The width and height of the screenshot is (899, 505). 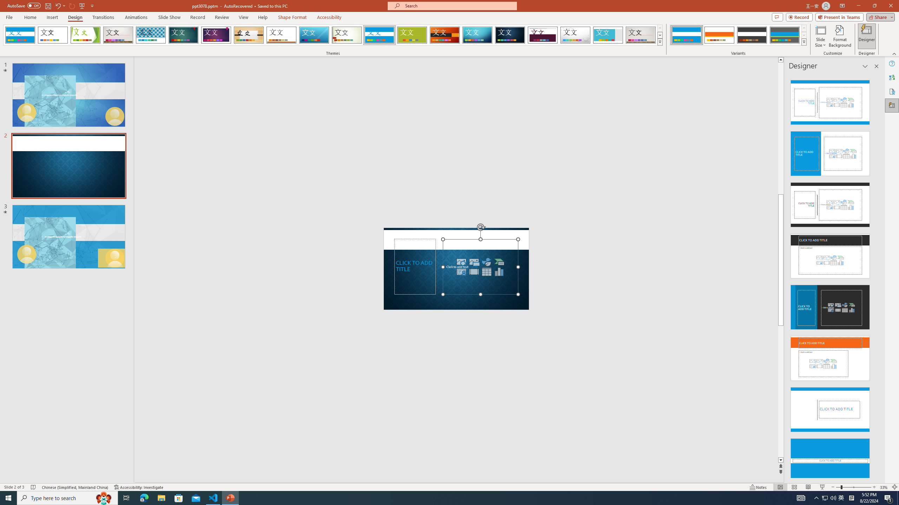 I want to click on 'Basis', so click(x=412, y=35).